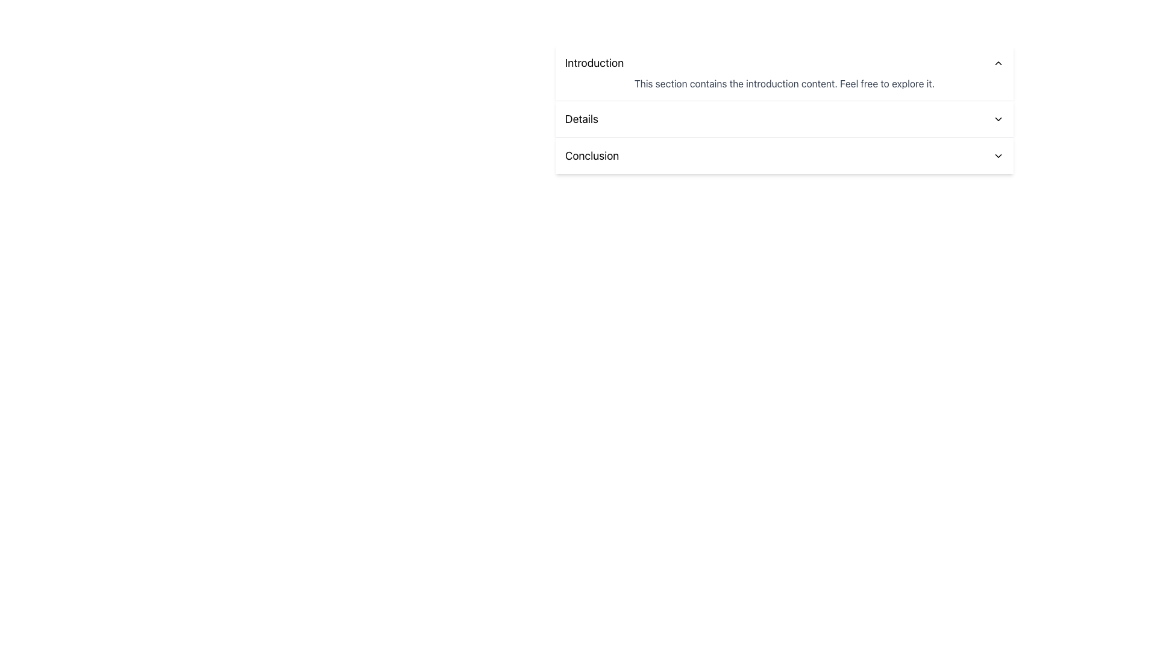 The height and width of the screenshot is (651, 1157). I want to click on the Dropdown toggle for 'Conclusion', so click(784, 155).